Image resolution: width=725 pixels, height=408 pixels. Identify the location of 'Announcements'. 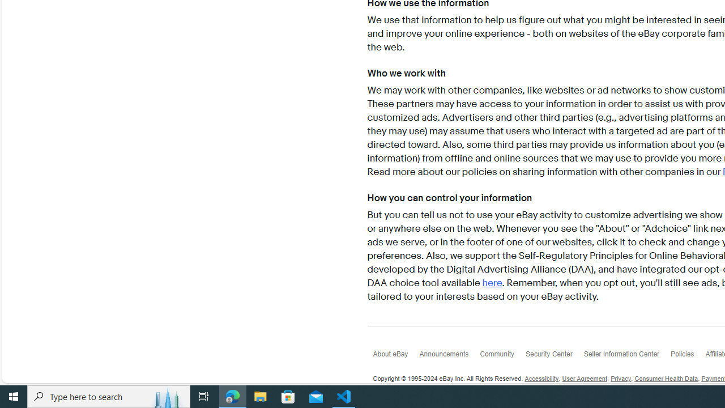
(449, 356).